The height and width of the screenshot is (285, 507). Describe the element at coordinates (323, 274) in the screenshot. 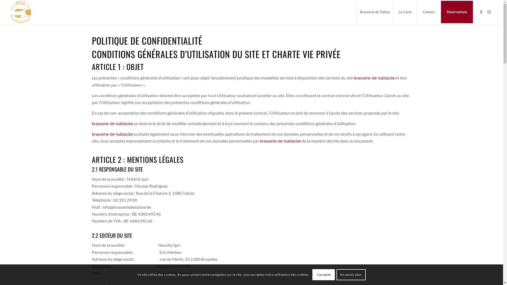

I see `'J'accepte'` at that location.